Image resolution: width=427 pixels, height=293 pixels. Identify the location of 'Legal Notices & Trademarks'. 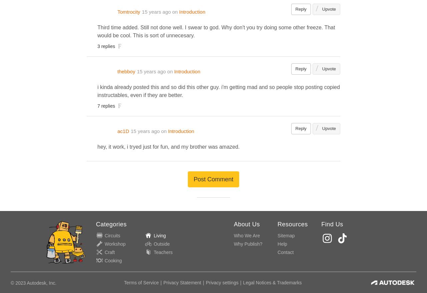
(272, 282).